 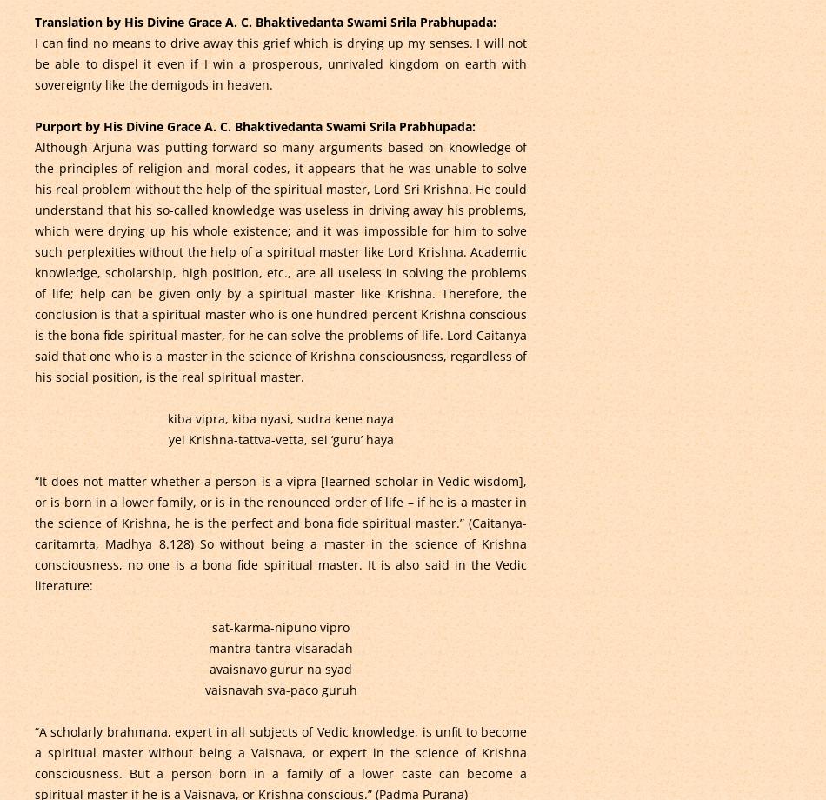 What do you see at coordinates (279, 261) in the screenshot?
I see `'Although Arjuna was putting forward so many arguments based on knowledge of the principles of religion and moral codes, it appears that he was unable to solve his real problem without the help of the spiritual master, Lord Sri Krishna. He could understand that his so-called knowledge was useless in driving away his problems, which were drying up his whole existence; and it was impossible for him to solve such perplexities without the help of a spiritual master like Lord Krishna. Academic knowledge, scholarship, high position, etc., are all useless in solving the problems of life; help can be given only by a spiritual master like Krishna. Therefore, the conclusion is that a spiritual master who is one hundred percent Krishna conscious is the bona ﬁde spiritual master, for he can solve the problems of life. Lord Caitanya said that one who is a master in the science of Krishna consciousness, regardless of his social position, is the real spiritual master.'` at bounding box center [279, 261].